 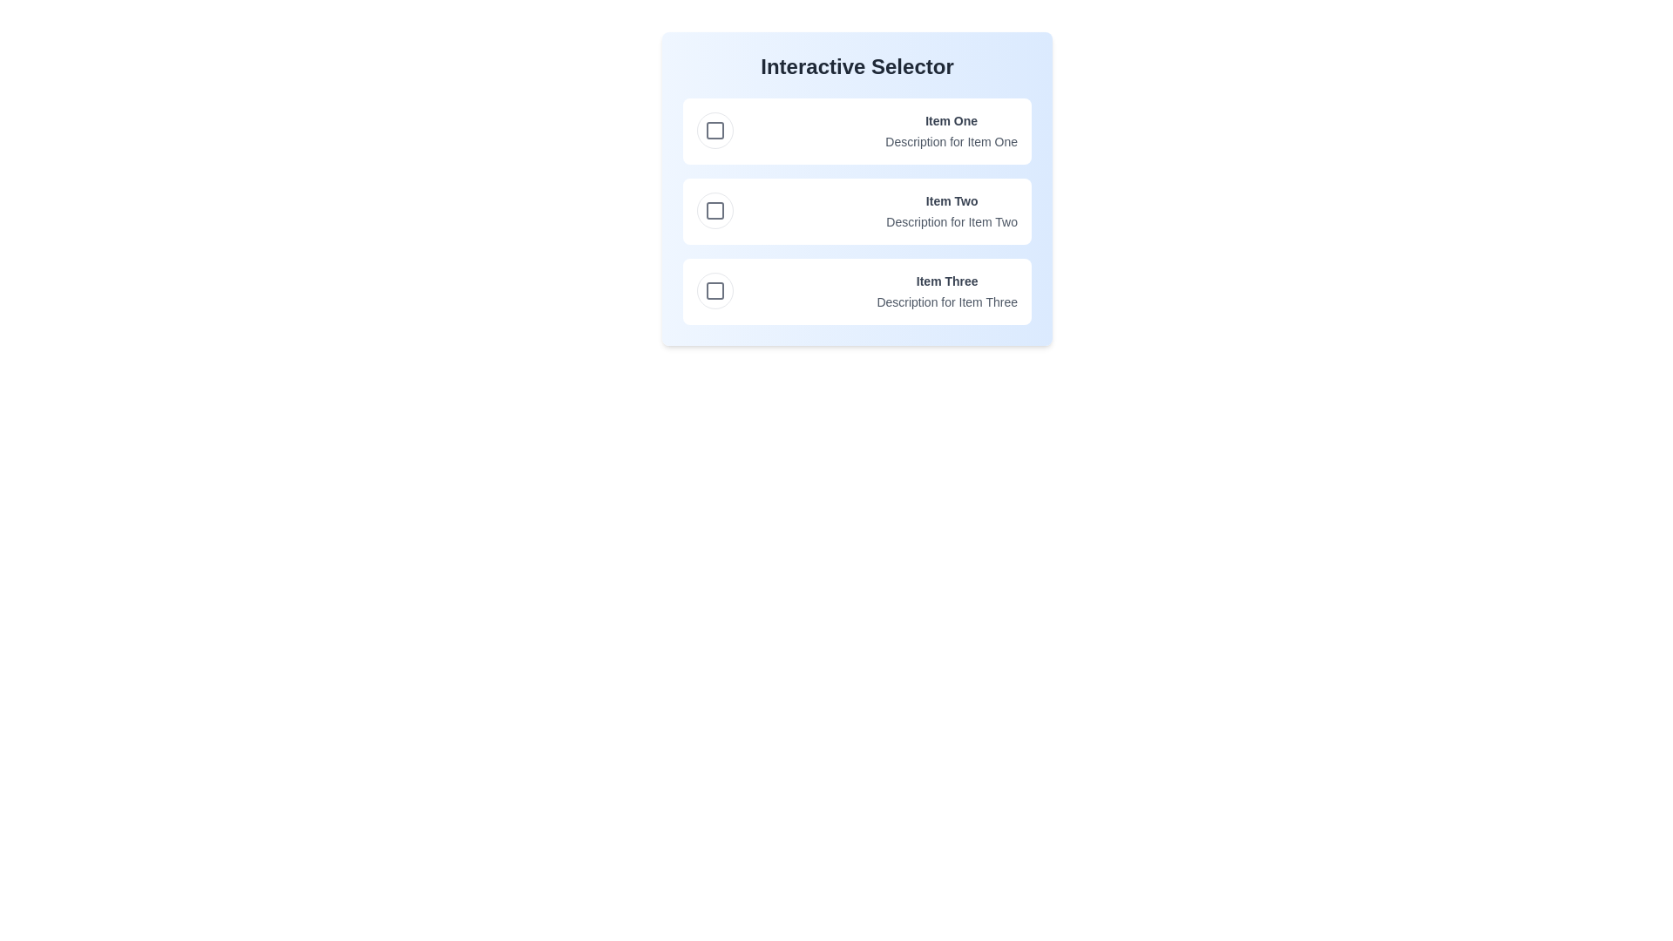 What do you see at coordinates (715, 210) in the screenshot?
I see `the checkbox with a red stroke and transparent fill located next to the label 'Item Two' in the interactive selector component to trigger a potential focus effect` at bounding box center [715, 210].